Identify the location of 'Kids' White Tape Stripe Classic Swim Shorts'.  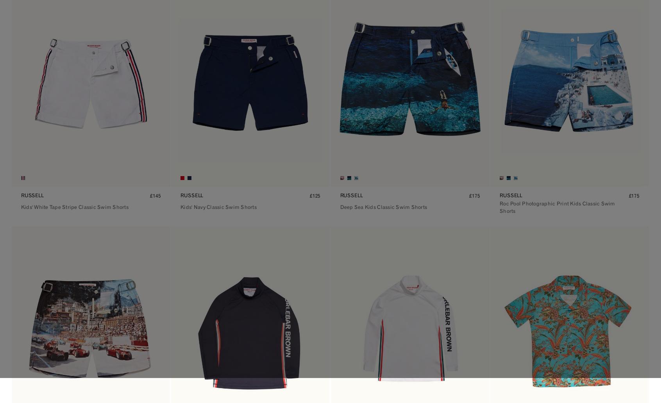
(74, 207).